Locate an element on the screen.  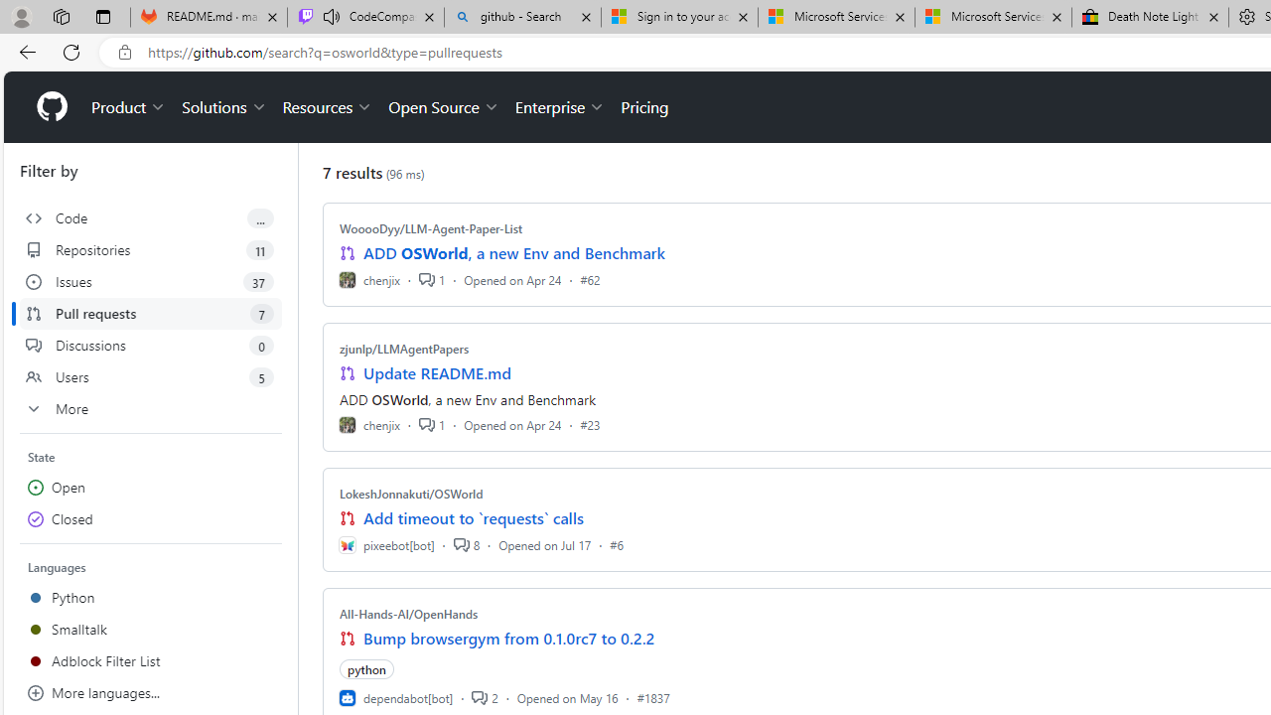
'zjunlp/LLMAgentPapers' is located at coordinates (403, 348).